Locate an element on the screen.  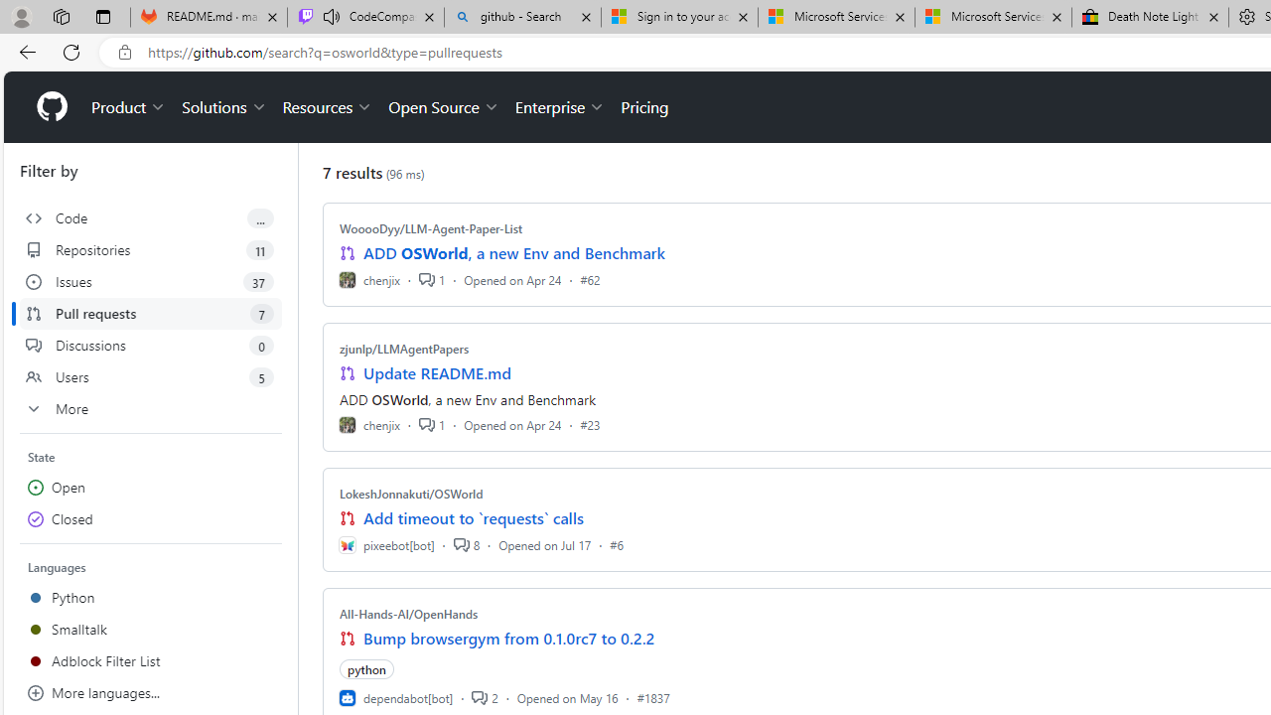
'zjunlp/LLMAgentPapers' is located at coordinates (403, 348).